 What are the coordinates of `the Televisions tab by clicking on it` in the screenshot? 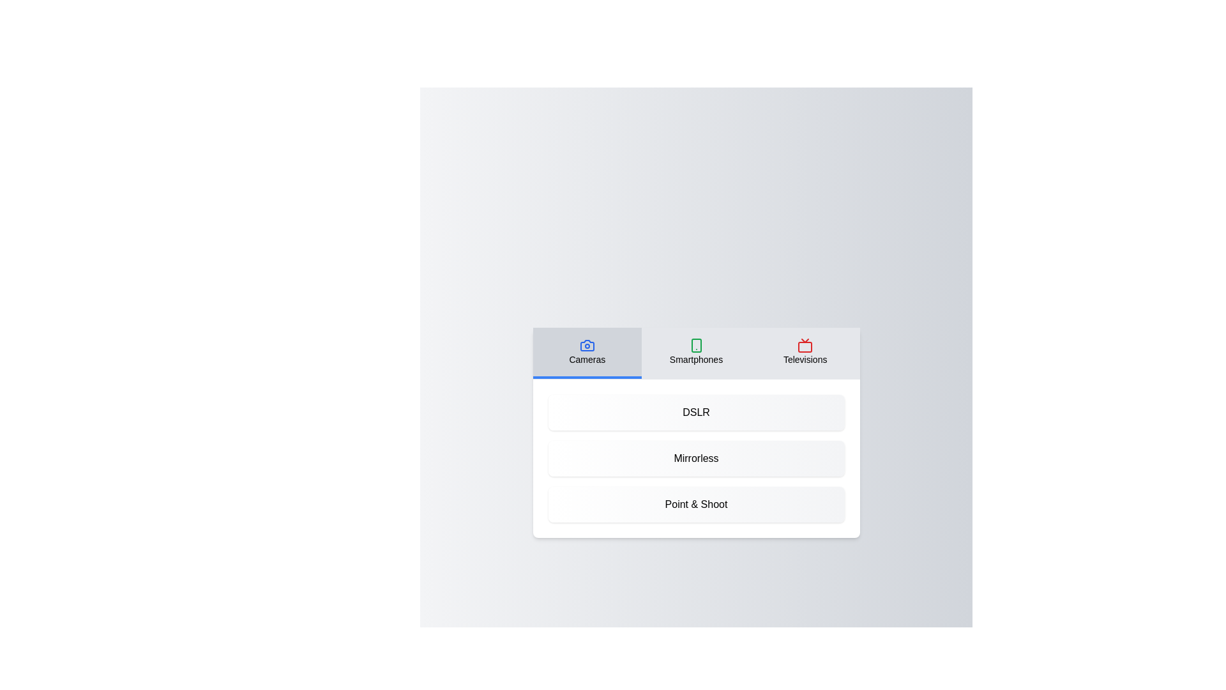 It's located at (805, 353).